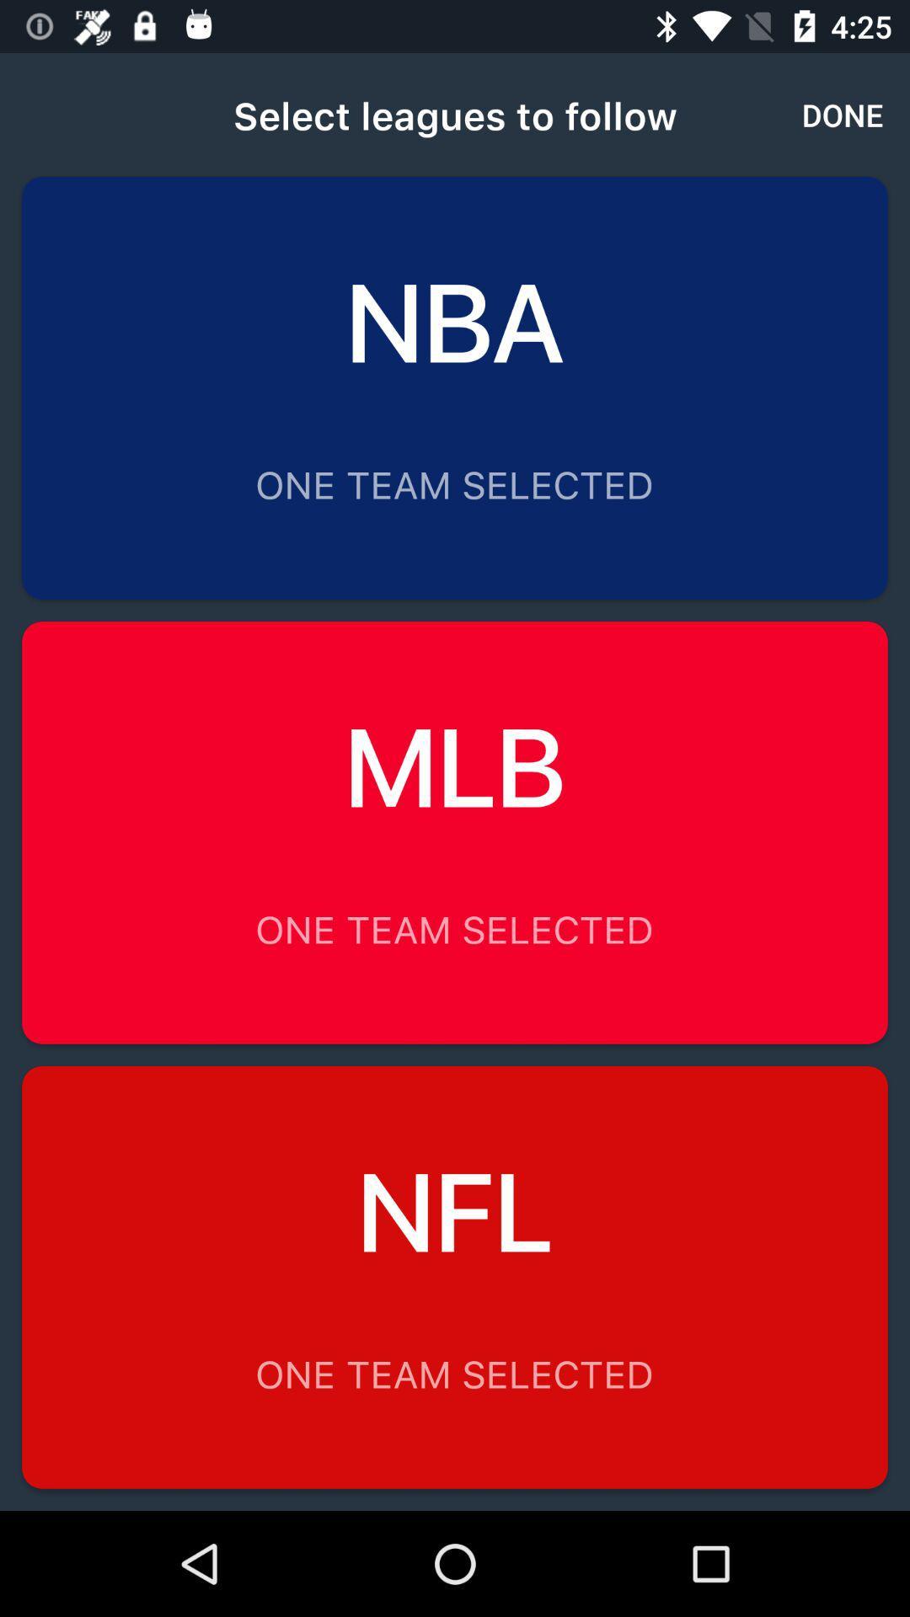 The image size is (910, 1617). I want to click on the icon next to select leagues to, so click(843, 114).